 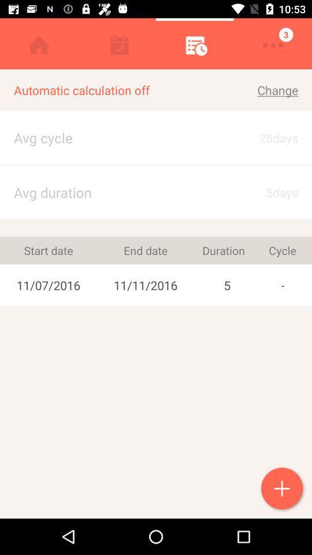 What do you see at coordinates (48, 250) in the screenshot?
I see `the start date` at bounding box center [48, 250].